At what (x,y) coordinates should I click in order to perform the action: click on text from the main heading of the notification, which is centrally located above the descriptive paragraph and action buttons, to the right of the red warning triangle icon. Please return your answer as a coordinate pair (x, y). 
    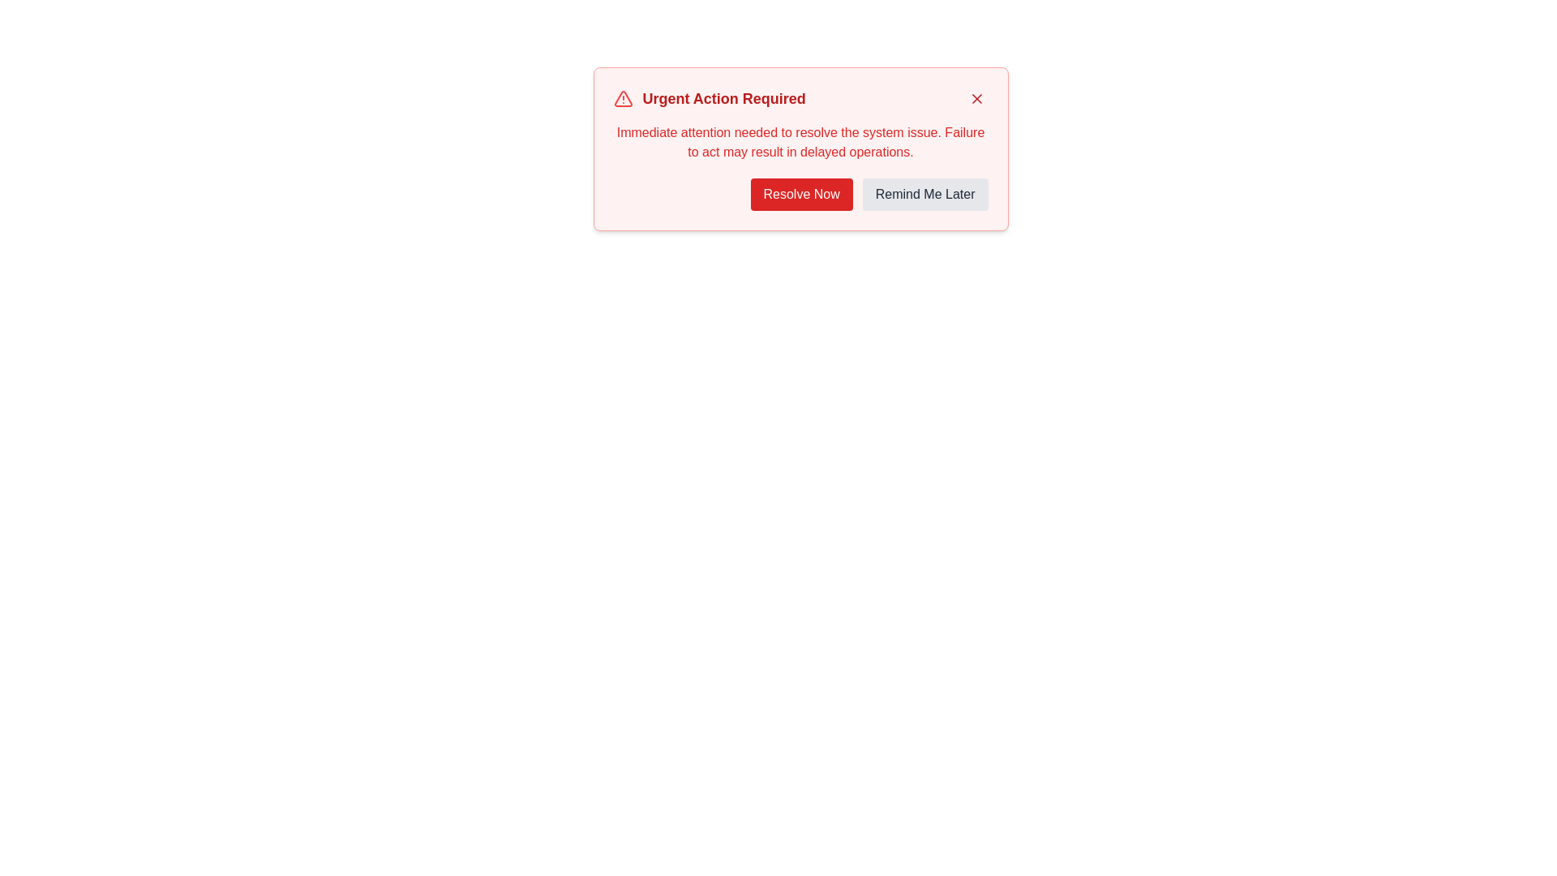
    Looking at the image, I should click on (723, 99).